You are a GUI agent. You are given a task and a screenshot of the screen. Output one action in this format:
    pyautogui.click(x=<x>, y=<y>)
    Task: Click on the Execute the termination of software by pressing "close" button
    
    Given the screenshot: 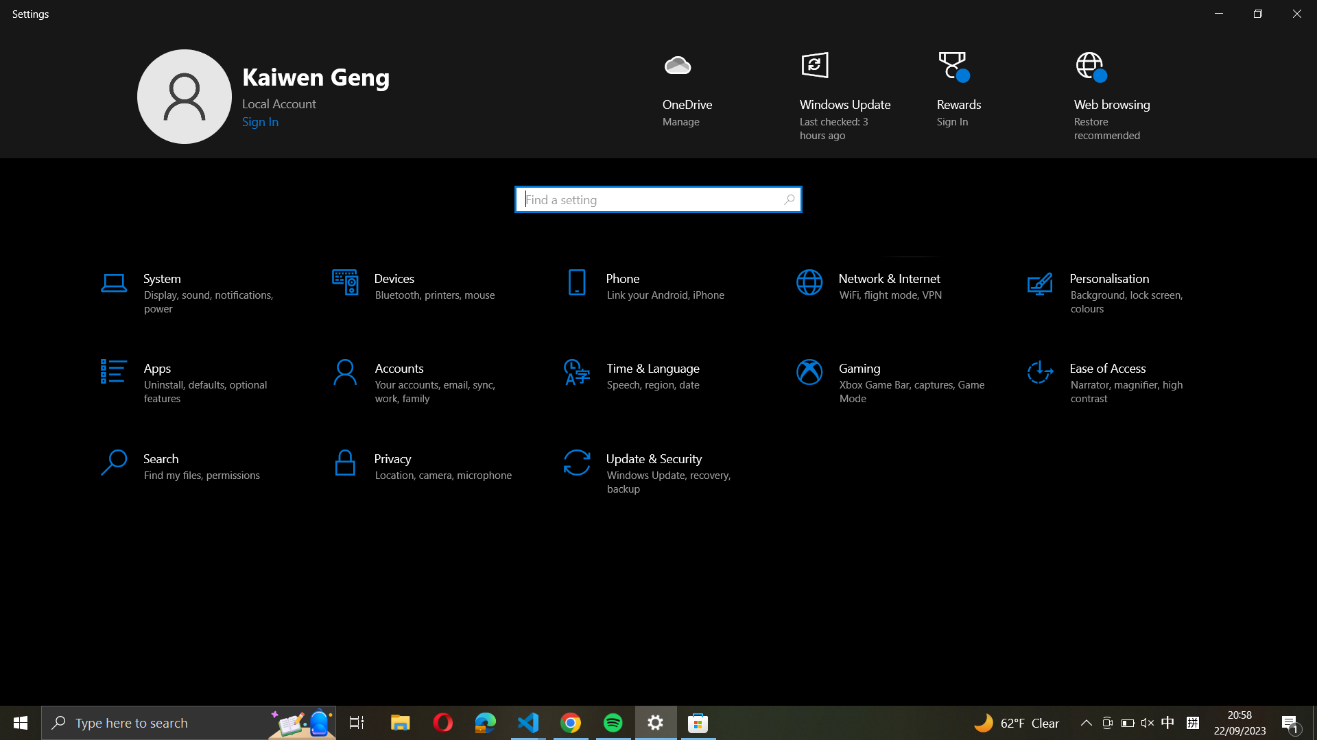 What is the action you would take?
    pyautogui.click(x=1299, y=14)
    